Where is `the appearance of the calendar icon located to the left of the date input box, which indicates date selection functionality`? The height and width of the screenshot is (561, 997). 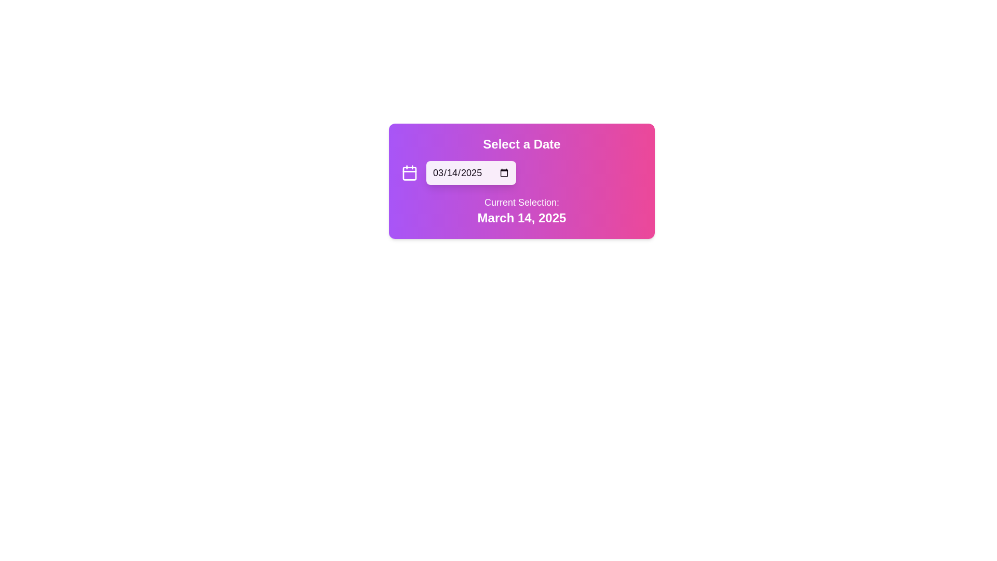
the appearance of the calendar icon located to the left of the date input box, which indicates date selection functionality is located at coordinates (409, 172).